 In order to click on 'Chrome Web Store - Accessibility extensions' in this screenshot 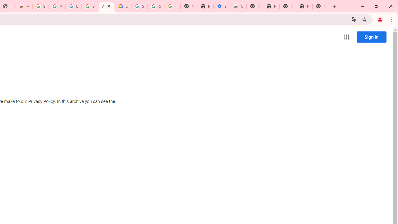, I will do `click(238, 6)`.